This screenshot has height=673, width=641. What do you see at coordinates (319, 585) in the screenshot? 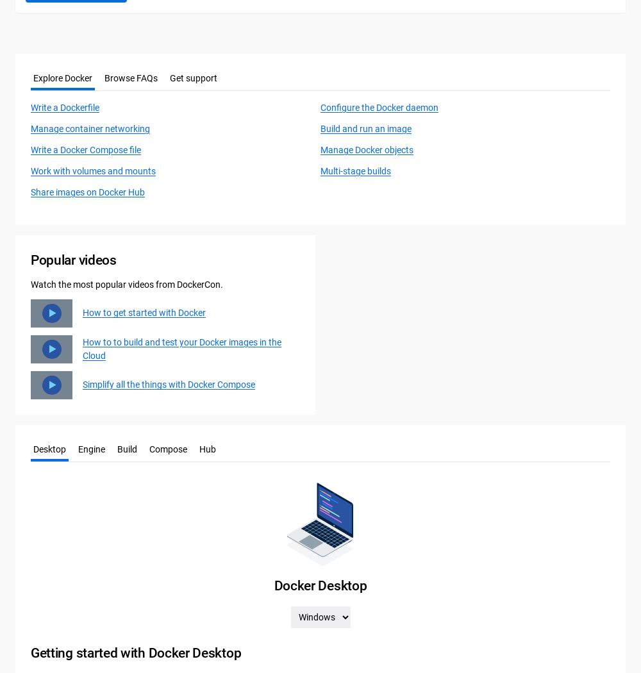
I see `'Docker Desktop'` at bounding box center [319, 585].